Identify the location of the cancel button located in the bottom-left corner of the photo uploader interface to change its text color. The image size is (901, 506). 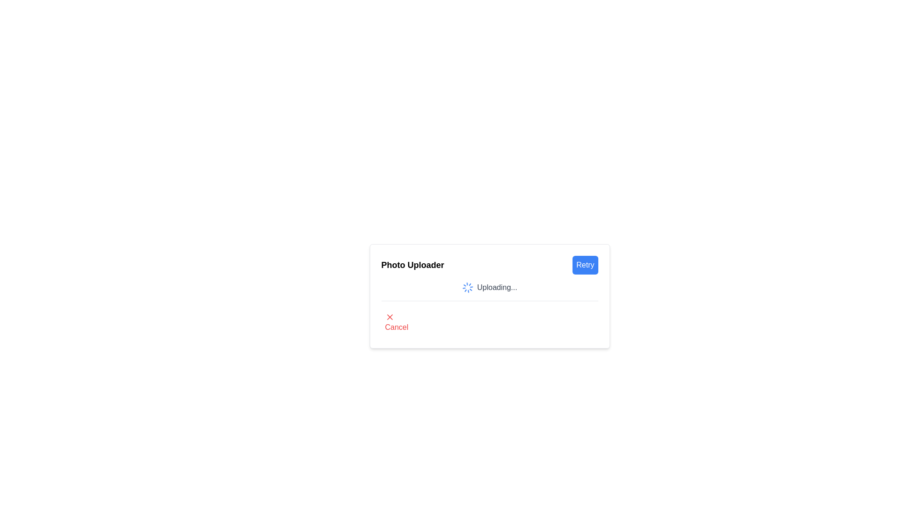
(397, 322).